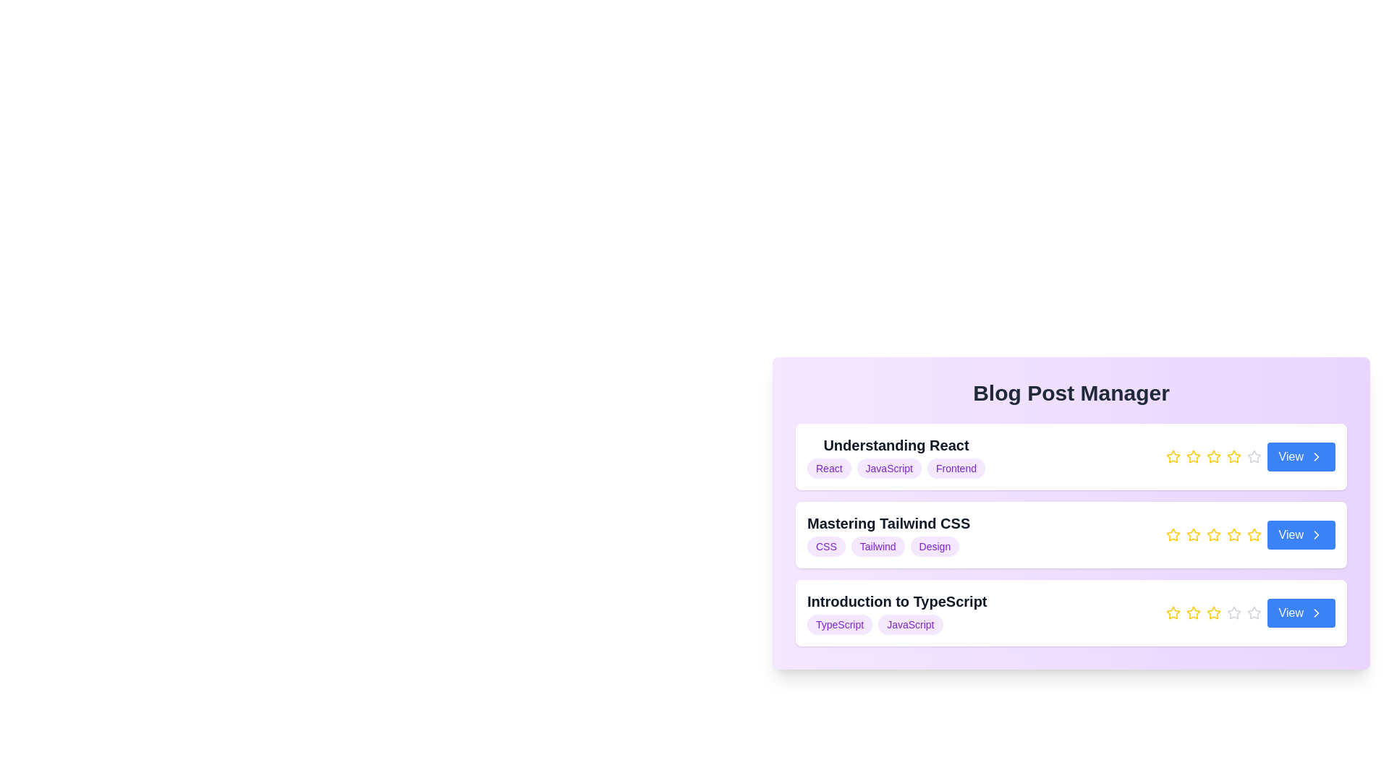 This screenshot has width=1389, height=781. Describe the element at coordinates (1253, 535) in the screenshot. I see `on the fifth yellow star icon in the rating section for 'Mastering Tailwind CSS'` at that location.